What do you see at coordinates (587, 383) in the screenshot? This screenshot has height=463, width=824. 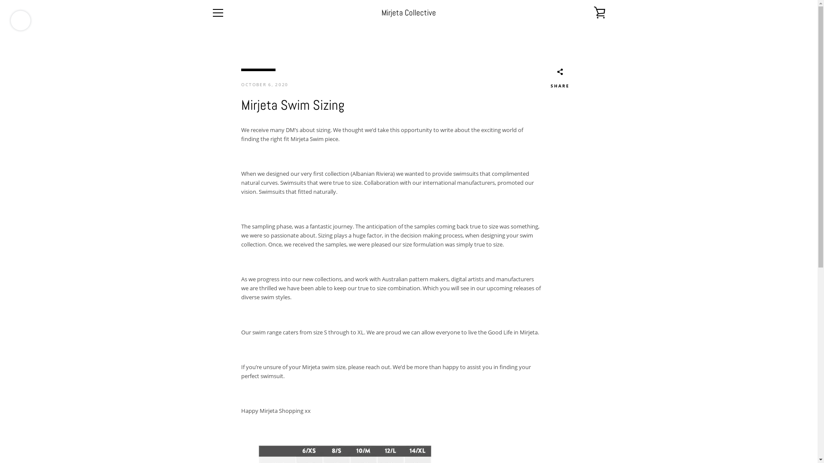 I see `'SUBSCRIBE'` at bounding box center [587, 383].